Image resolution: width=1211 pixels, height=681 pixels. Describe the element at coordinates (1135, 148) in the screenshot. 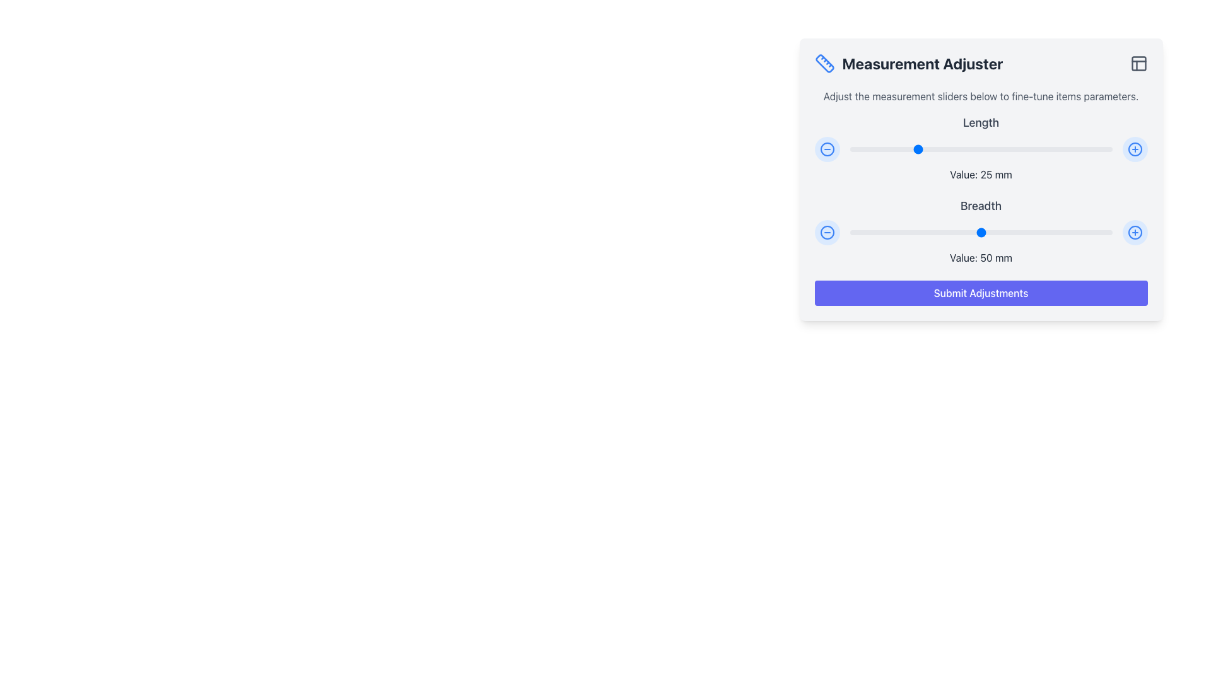

I see `the circular button with a light blue background and a dark blue plus icon to increase the value of the associated parameter` at that location.